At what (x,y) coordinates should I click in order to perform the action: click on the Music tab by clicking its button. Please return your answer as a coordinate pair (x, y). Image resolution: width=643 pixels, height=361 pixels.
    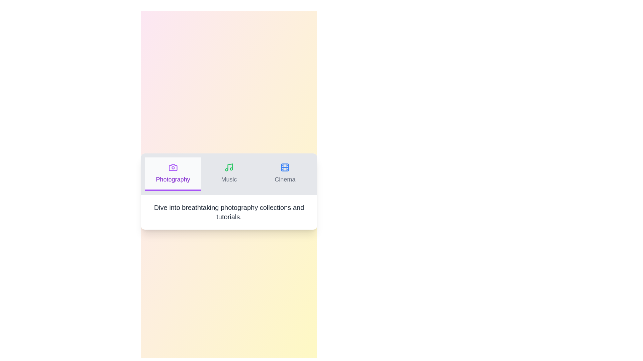
    Looking at the image, I should click on (229, 173).